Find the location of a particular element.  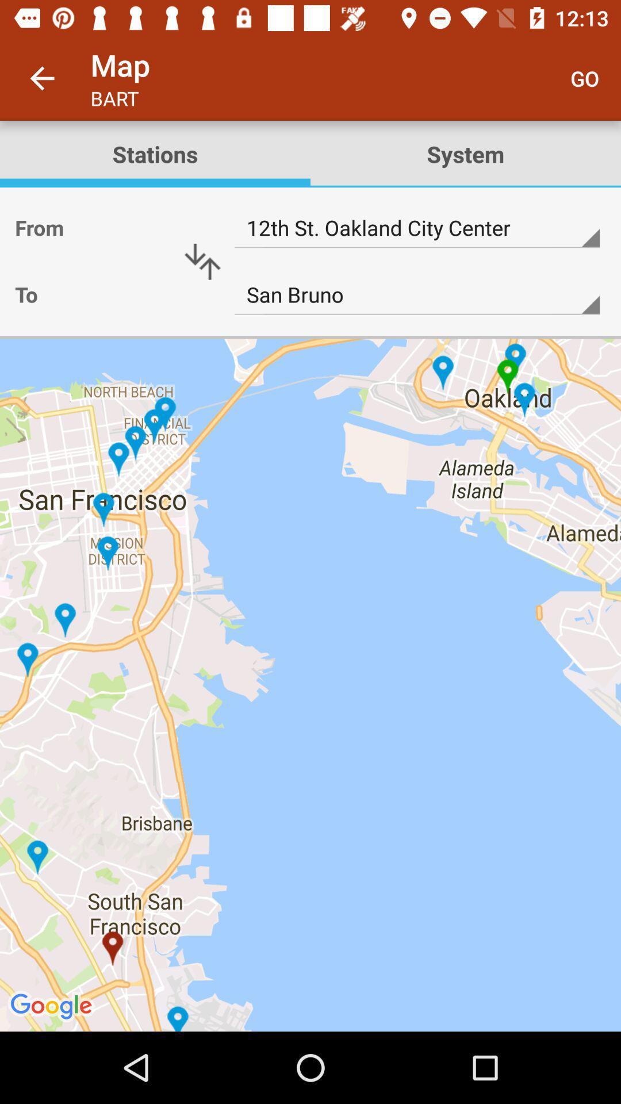

the item above 12th st oakland is located at coordinates (155, 154).